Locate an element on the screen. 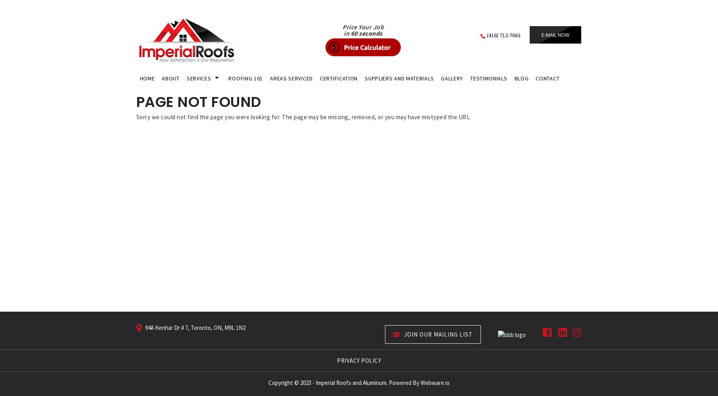 The height and width of the screenshot is (396, 718). '60 seconds' is located at coordinates (366, 33).